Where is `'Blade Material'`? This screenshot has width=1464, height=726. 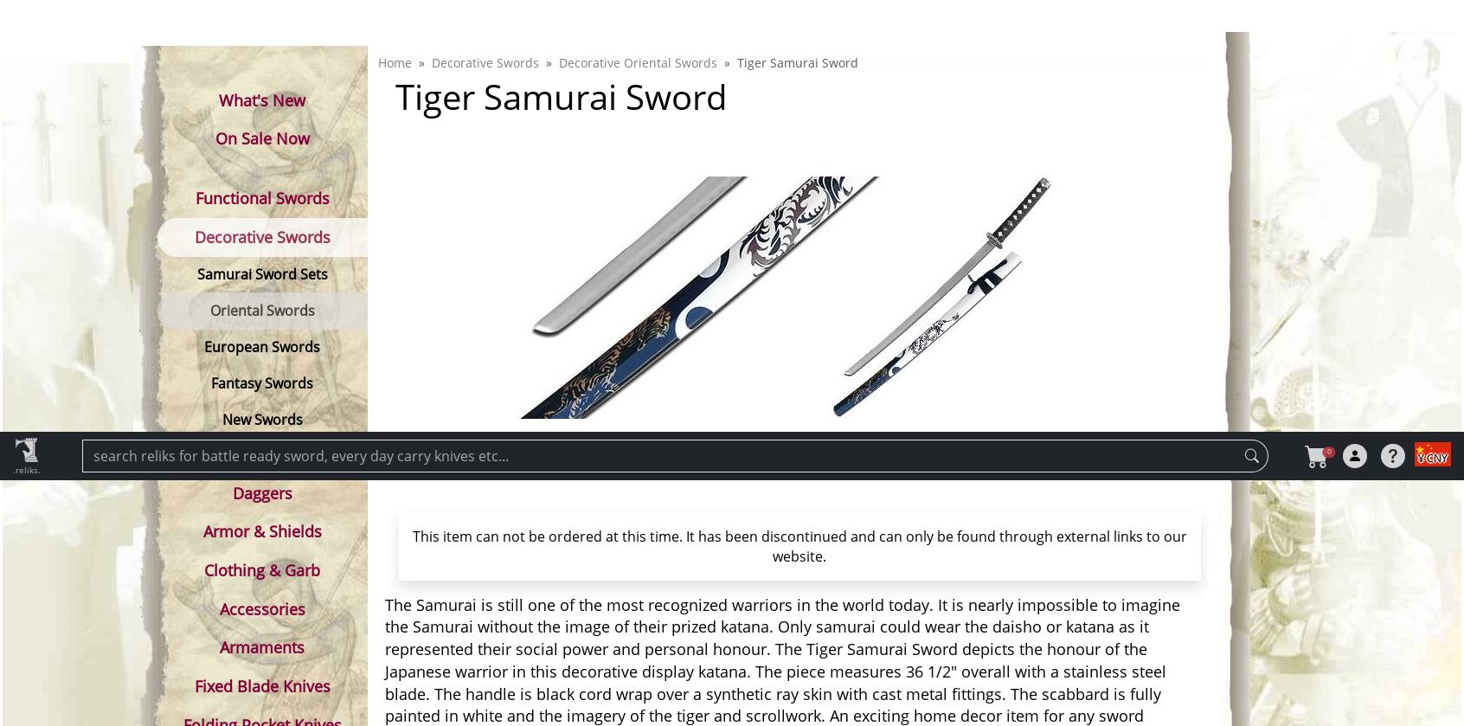
'Blade Material' is located at coordinates (389, 702).